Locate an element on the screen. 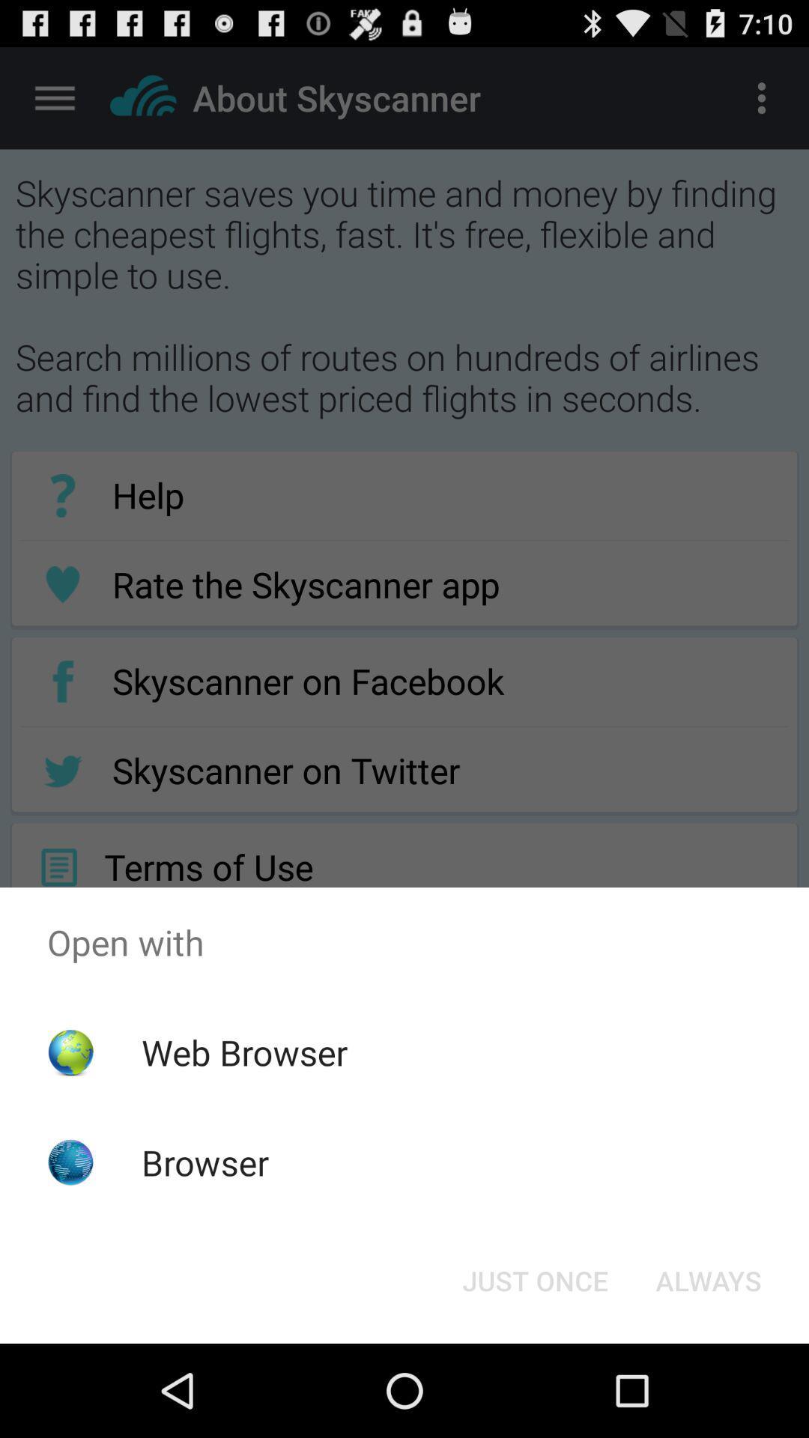 This screenshot has height=1438, width=809. app below the open with is located at coordinates (534, 1279).